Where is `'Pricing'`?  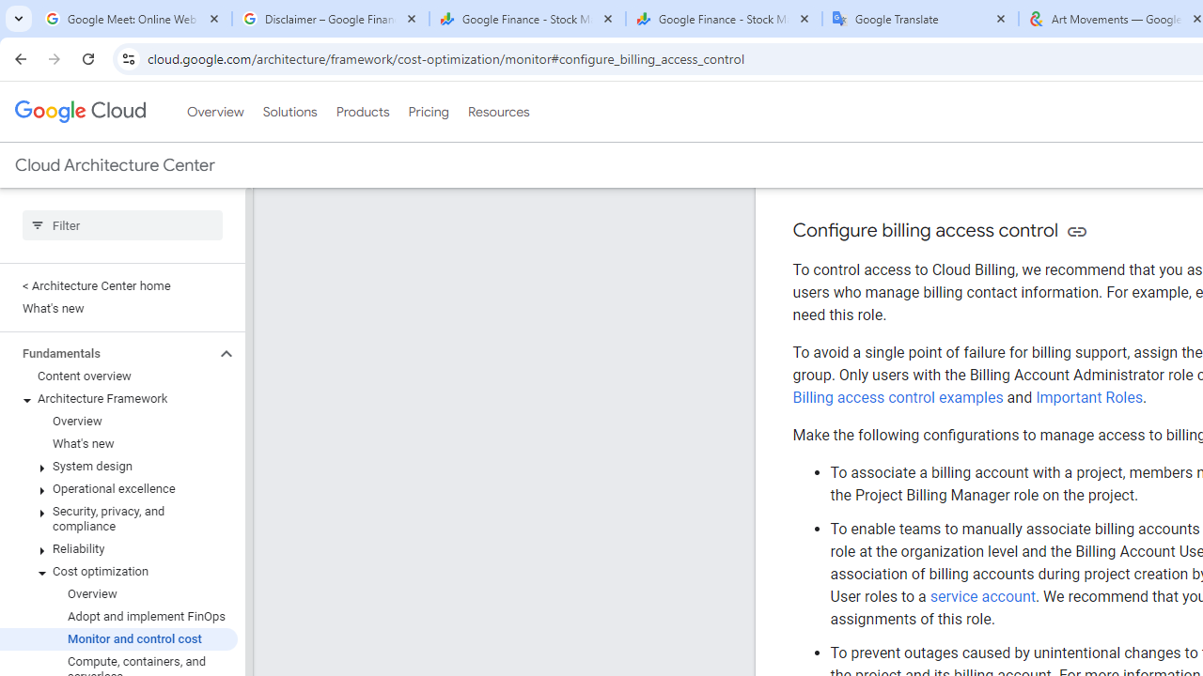 'Pricing' is located at coordinates (427, 112).